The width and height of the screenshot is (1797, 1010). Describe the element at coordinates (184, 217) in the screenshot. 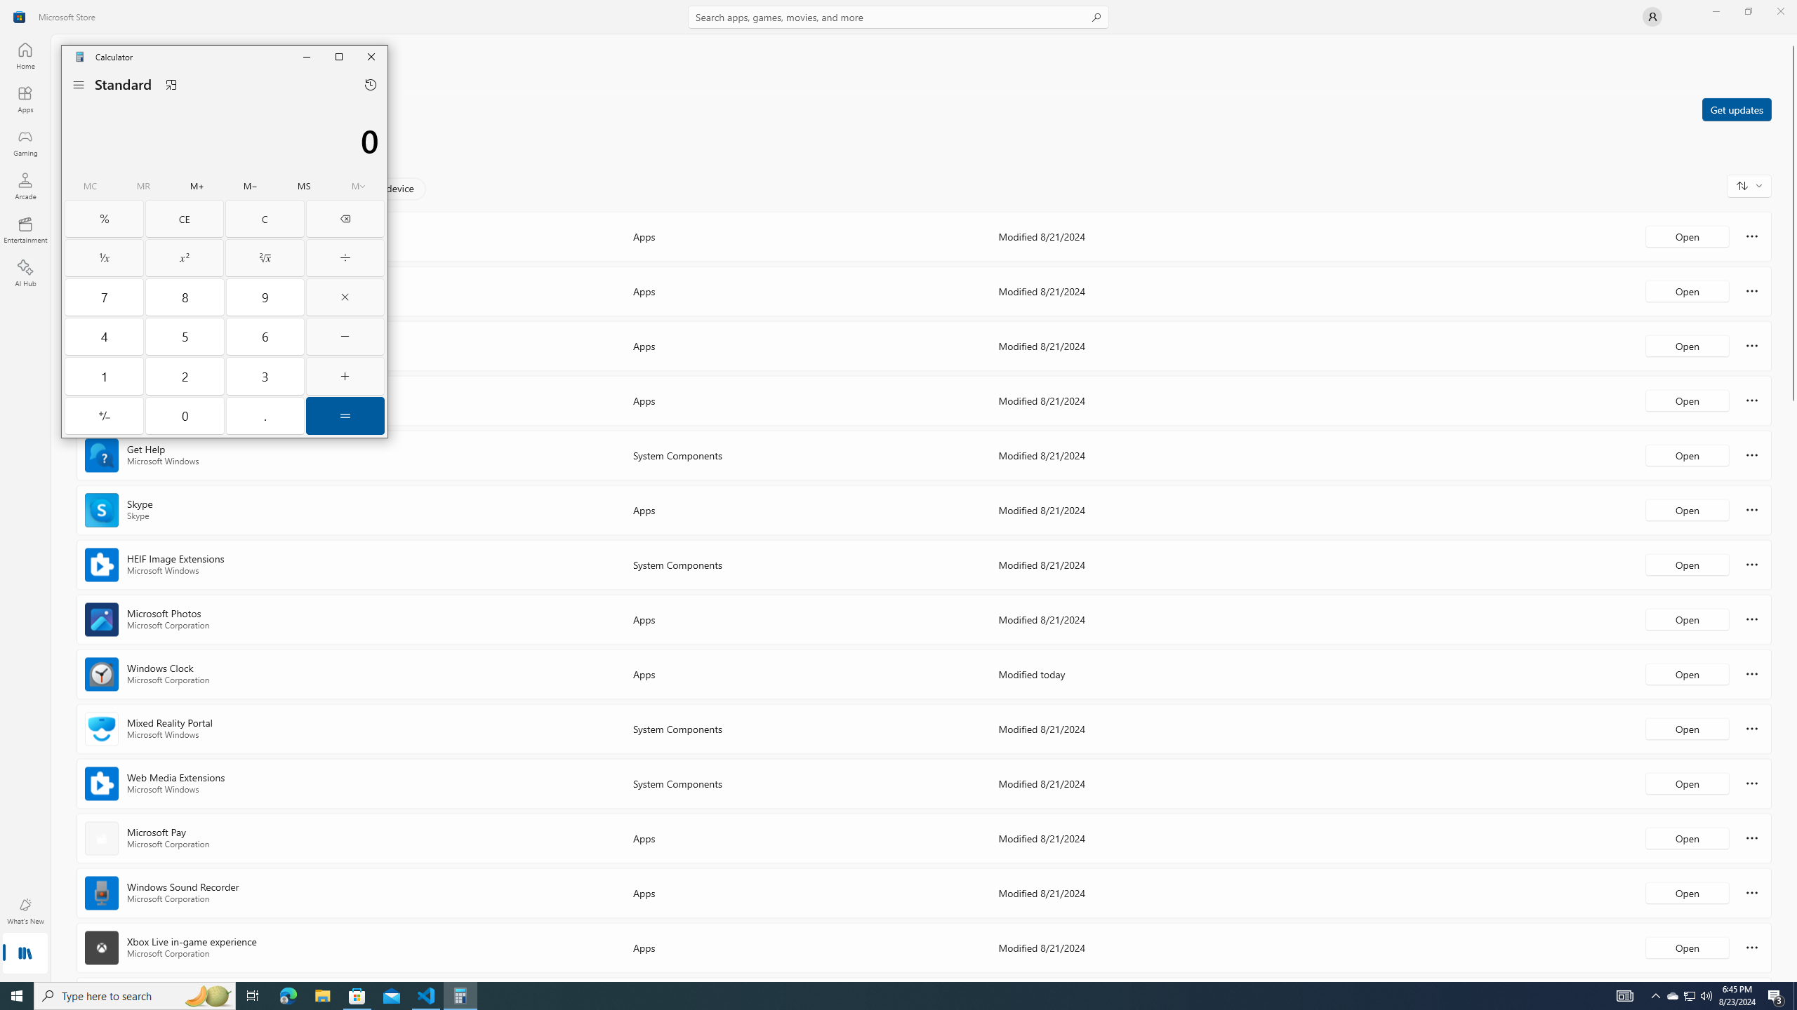

I see `'Clear entry'` at that location.